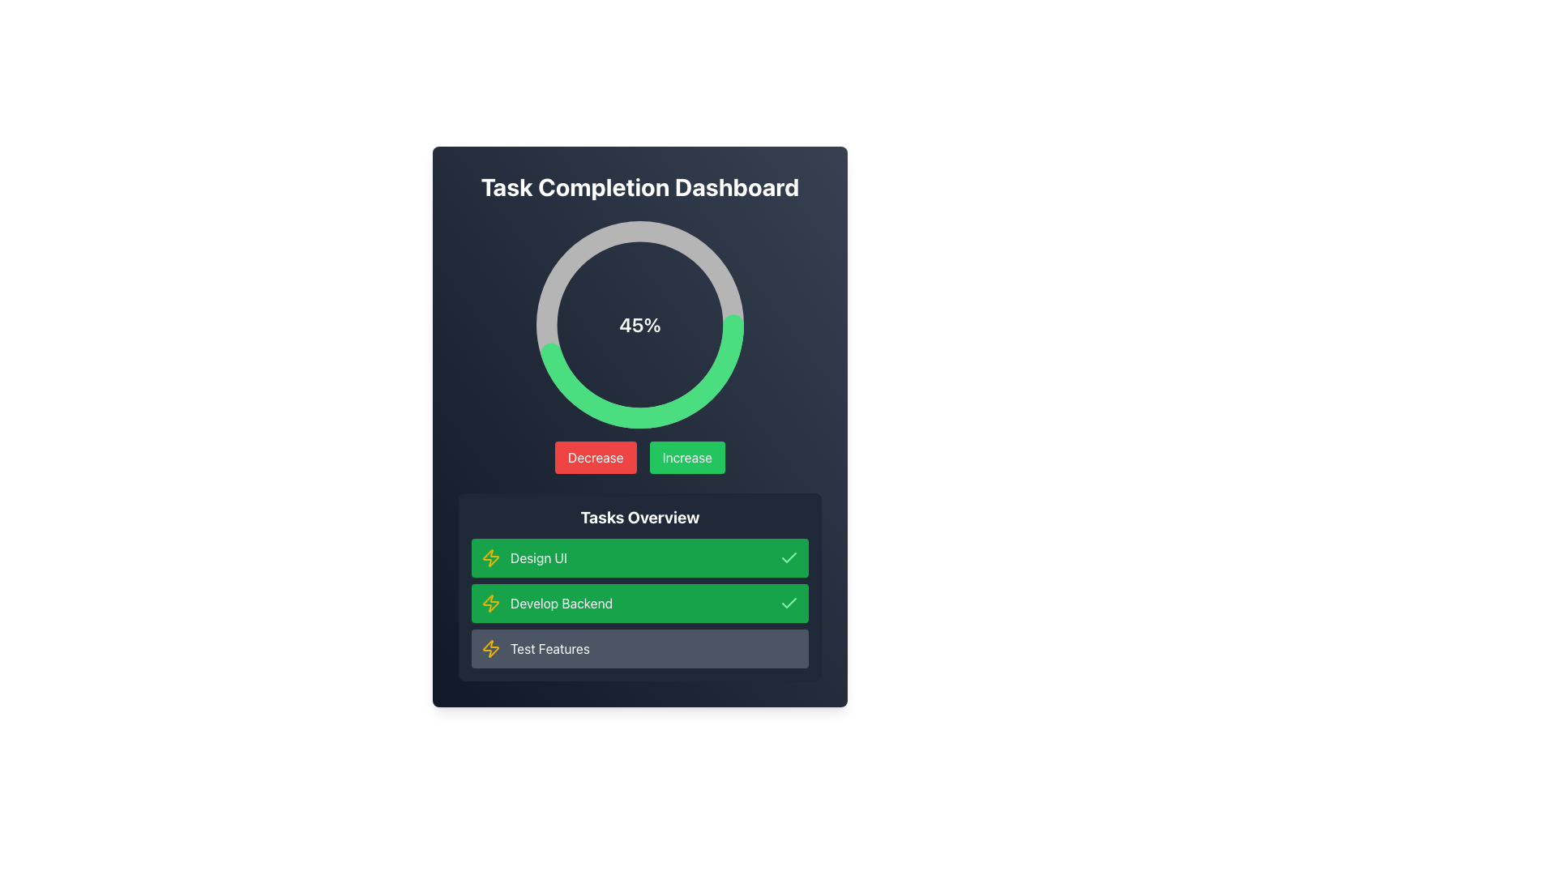 Image resolution: width=1556 pixels, height=875 pixels. Describe the element at coordinates (639, 557) in the screenshot. I see `the first task item in the 'Tasks Overview' section` at that location.